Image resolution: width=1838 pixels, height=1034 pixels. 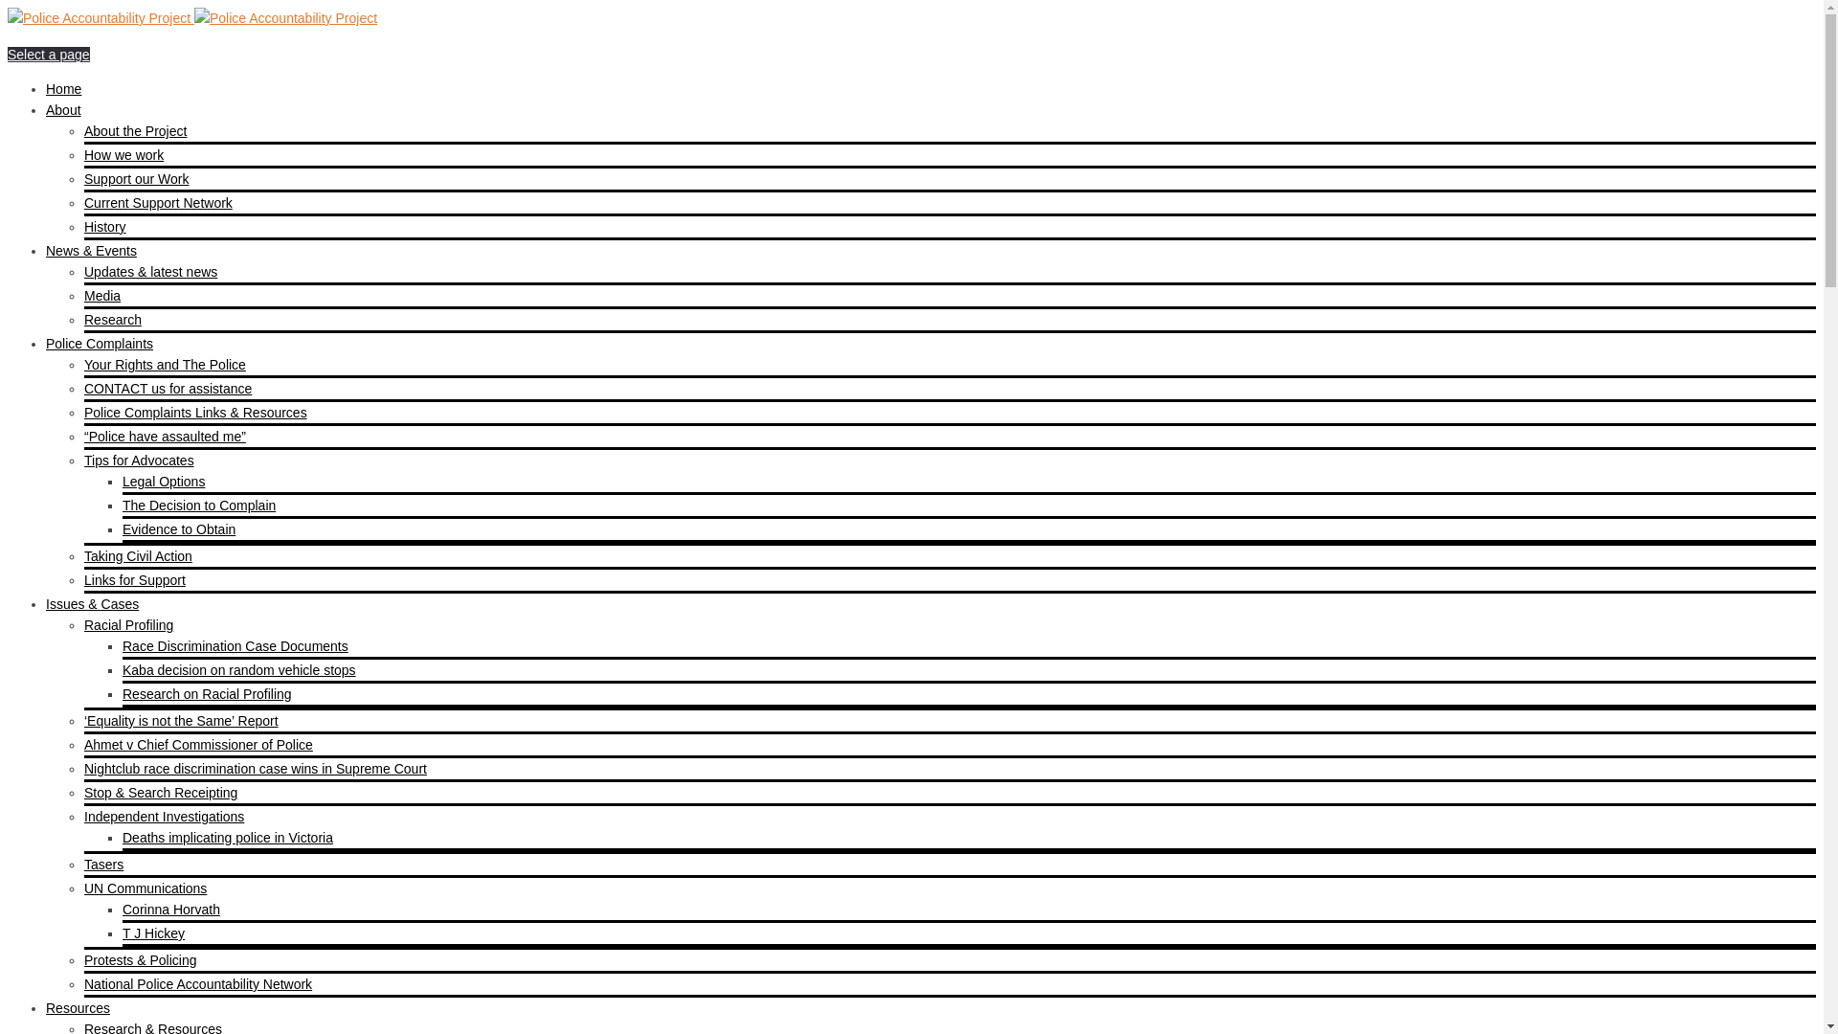 What do you see at coordinates (104, 225) in the screenshot?
I see `'History'` at bounding box center [104, 225].